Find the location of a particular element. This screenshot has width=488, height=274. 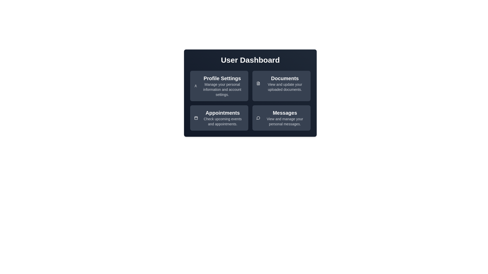

the icon of the Documents card is located at coordinates (258, 83).